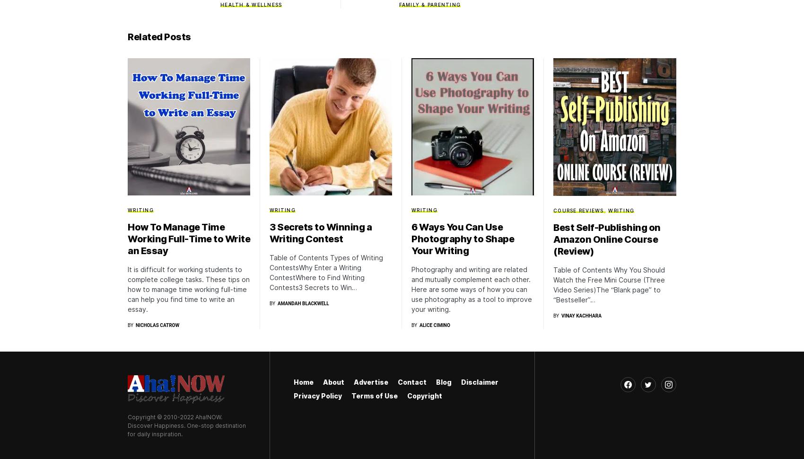  What do you see at coordinates (462, 238) in the screenshot?
I see `'6 Ways You Can Use Photography to Shape Your Writing'` at bounding box center [462, 238].